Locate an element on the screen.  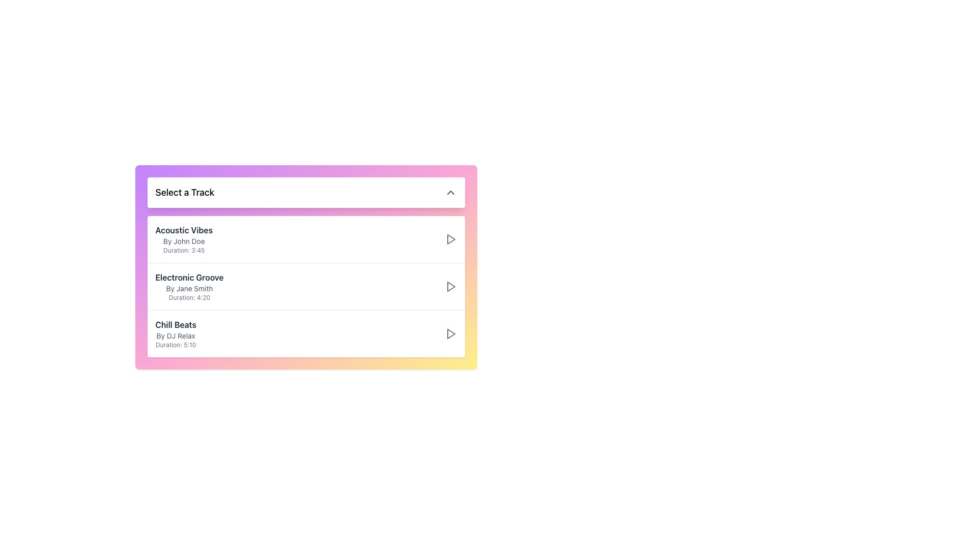
the play button for the track labeled 'Acoustic Vibes' located at the far-right side of the first row under the section heading 'Select a Track' is located at coordinates (450, 239).